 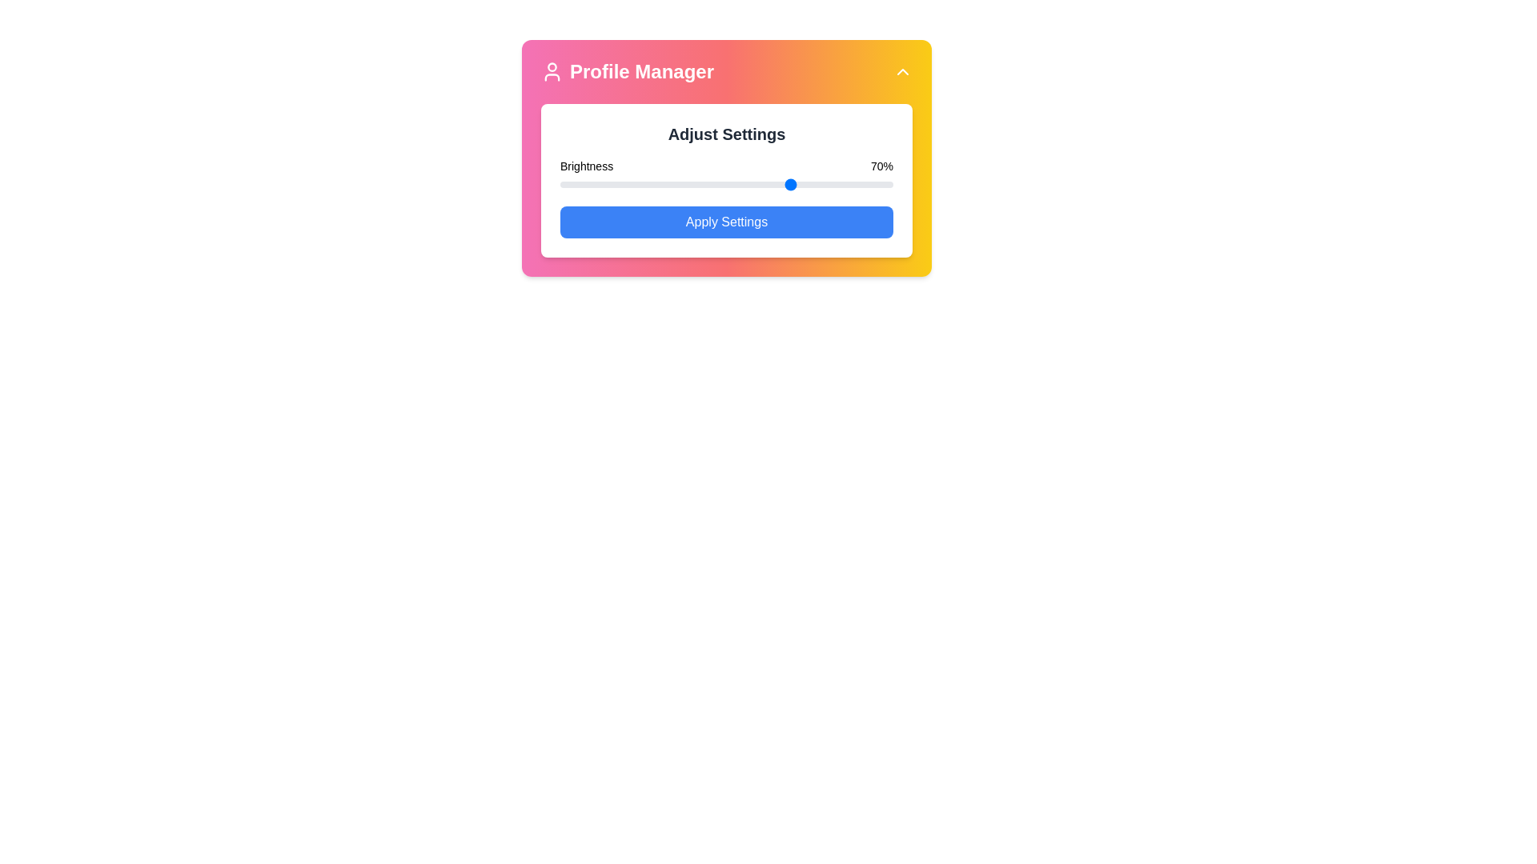 I want to click on information displayed on the Label indicating the current brightness level, which shows 'Brightness 70%' above the slider bar in the 'Adjust Settings' section, so click(x=725, y=166).